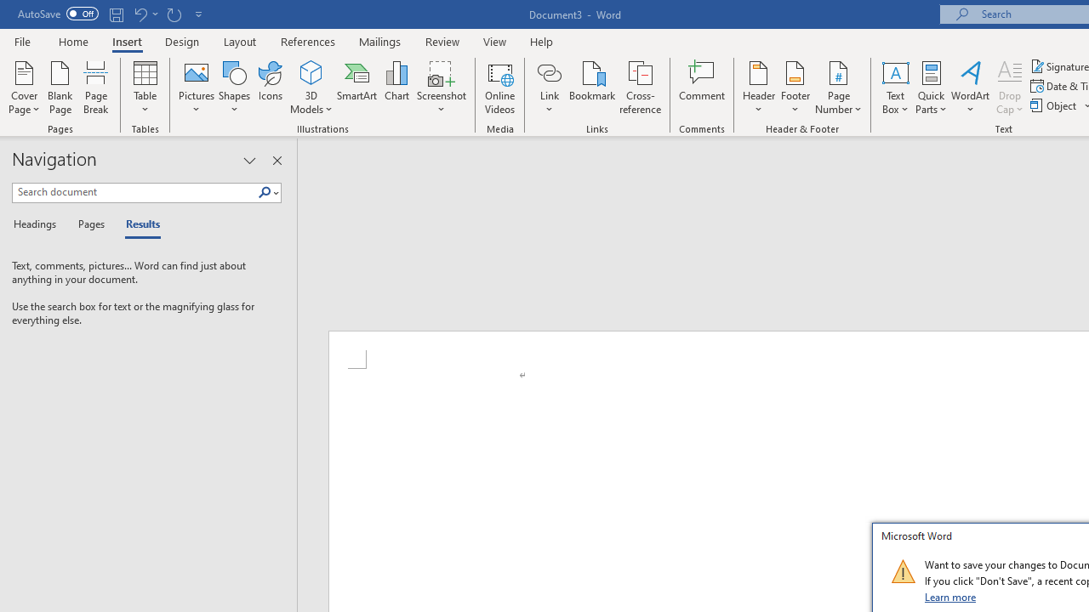 The height and width of the screenshot is (612, 1089). What do you see at coordinates (702, 88) in the screenshot?
I see `'Comment'` at bounding box center [702, 88].